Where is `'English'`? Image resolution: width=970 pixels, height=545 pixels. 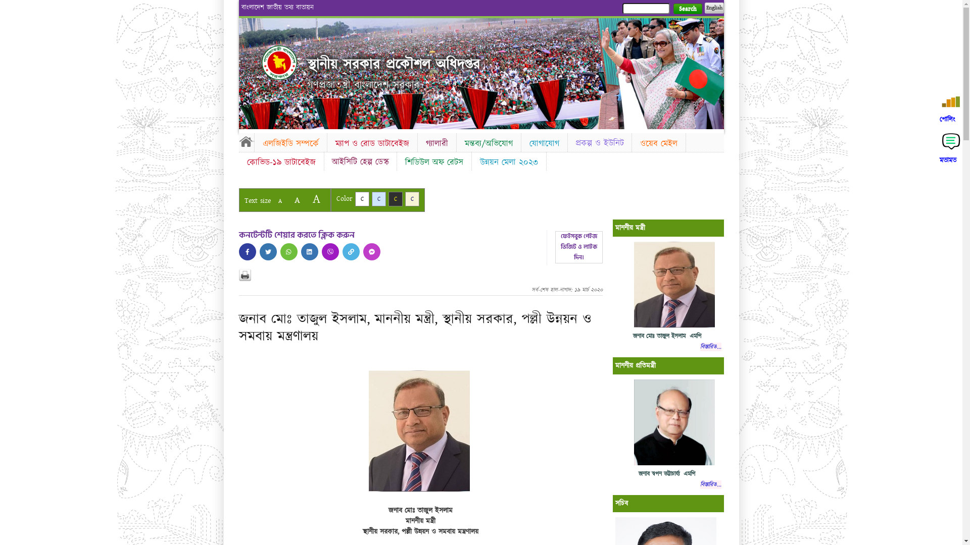 'English' is located at coordinates (713, 8).